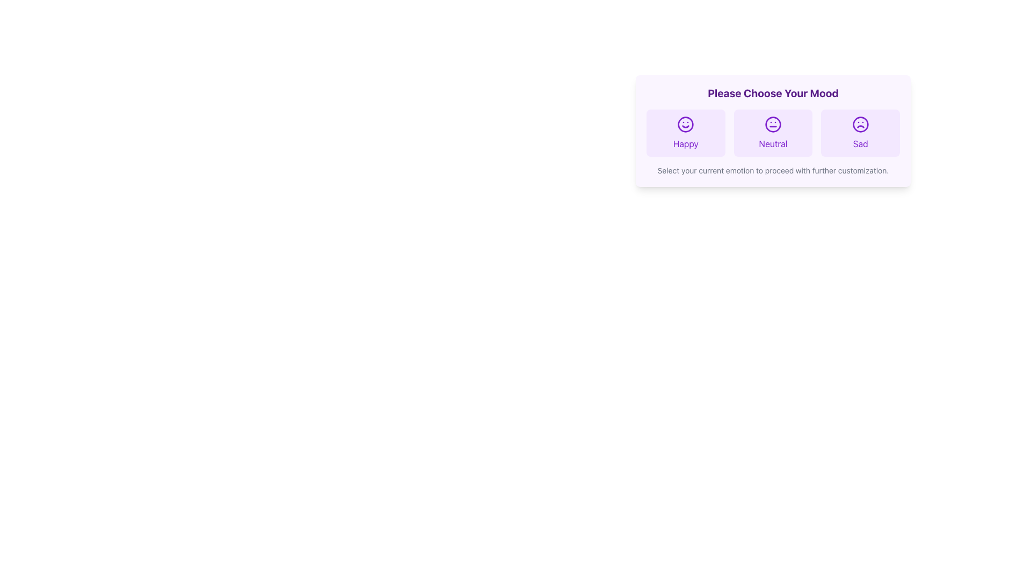 The image size is (1031, 580). Describe the element at coordinates (773, 124) in the screenshot. I see `the neutral mood icon, which is the second icon among three mood icons (Happy, Neutral, Sad) displayed horizontally within a rounded rectangular card` at that location.